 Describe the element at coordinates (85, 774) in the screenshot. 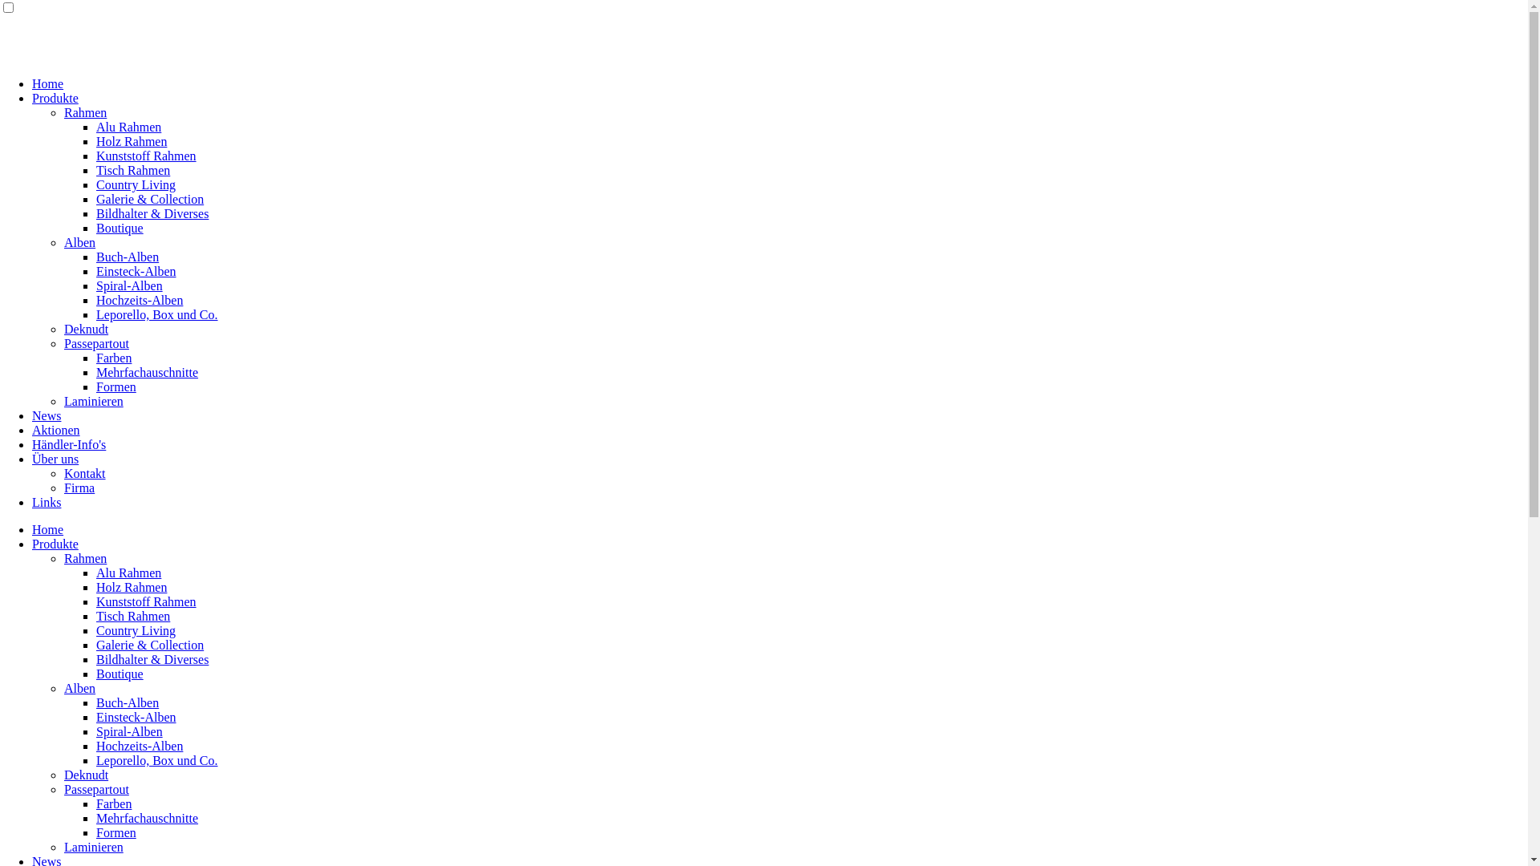

I see `'Deknudt'` at that location.